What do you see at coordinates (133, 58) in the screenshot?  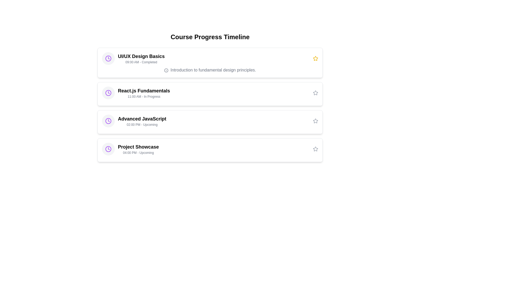 I see `course details displayed in the text block titled 'UI/UX Design Basics', which includes the completion time '09:00 AM - Completed'` at bounding box center [133, 58].